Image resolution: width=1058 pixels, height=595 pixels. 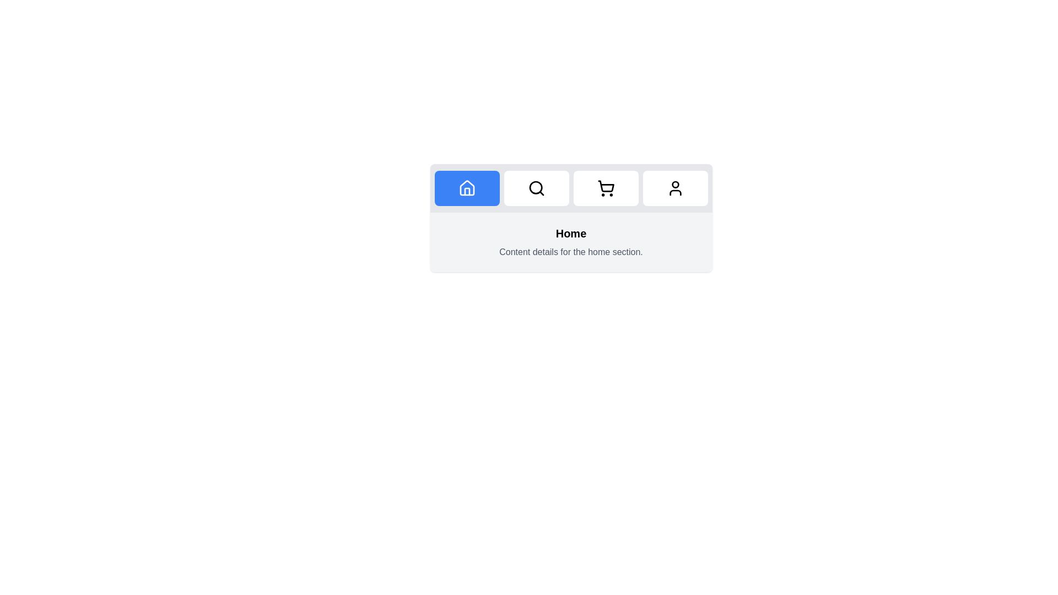 I want to click on the circular shape within the magnifying glass icon, which represents the search functionality in the top menu bar, so click(x=536, y=187).